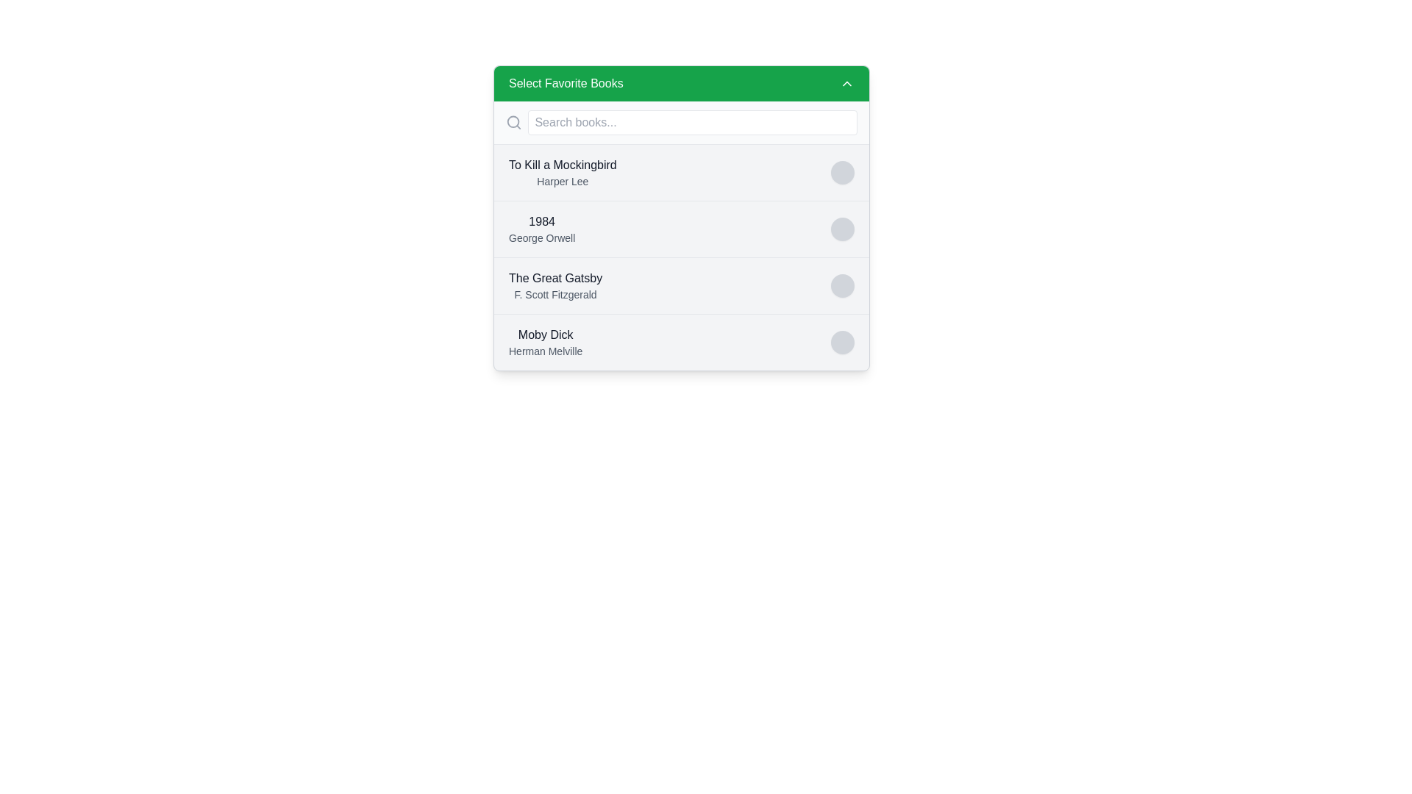 The height and width of the screenshot is (794, 1412). Describe the element at coordinates (555, 286) in the screenshot. I see `the Text label displaying a book title and its author, located on the third row of the 'Select Favorite Books' section, positioned between '1984' and 'Moby Dick'` at that location.